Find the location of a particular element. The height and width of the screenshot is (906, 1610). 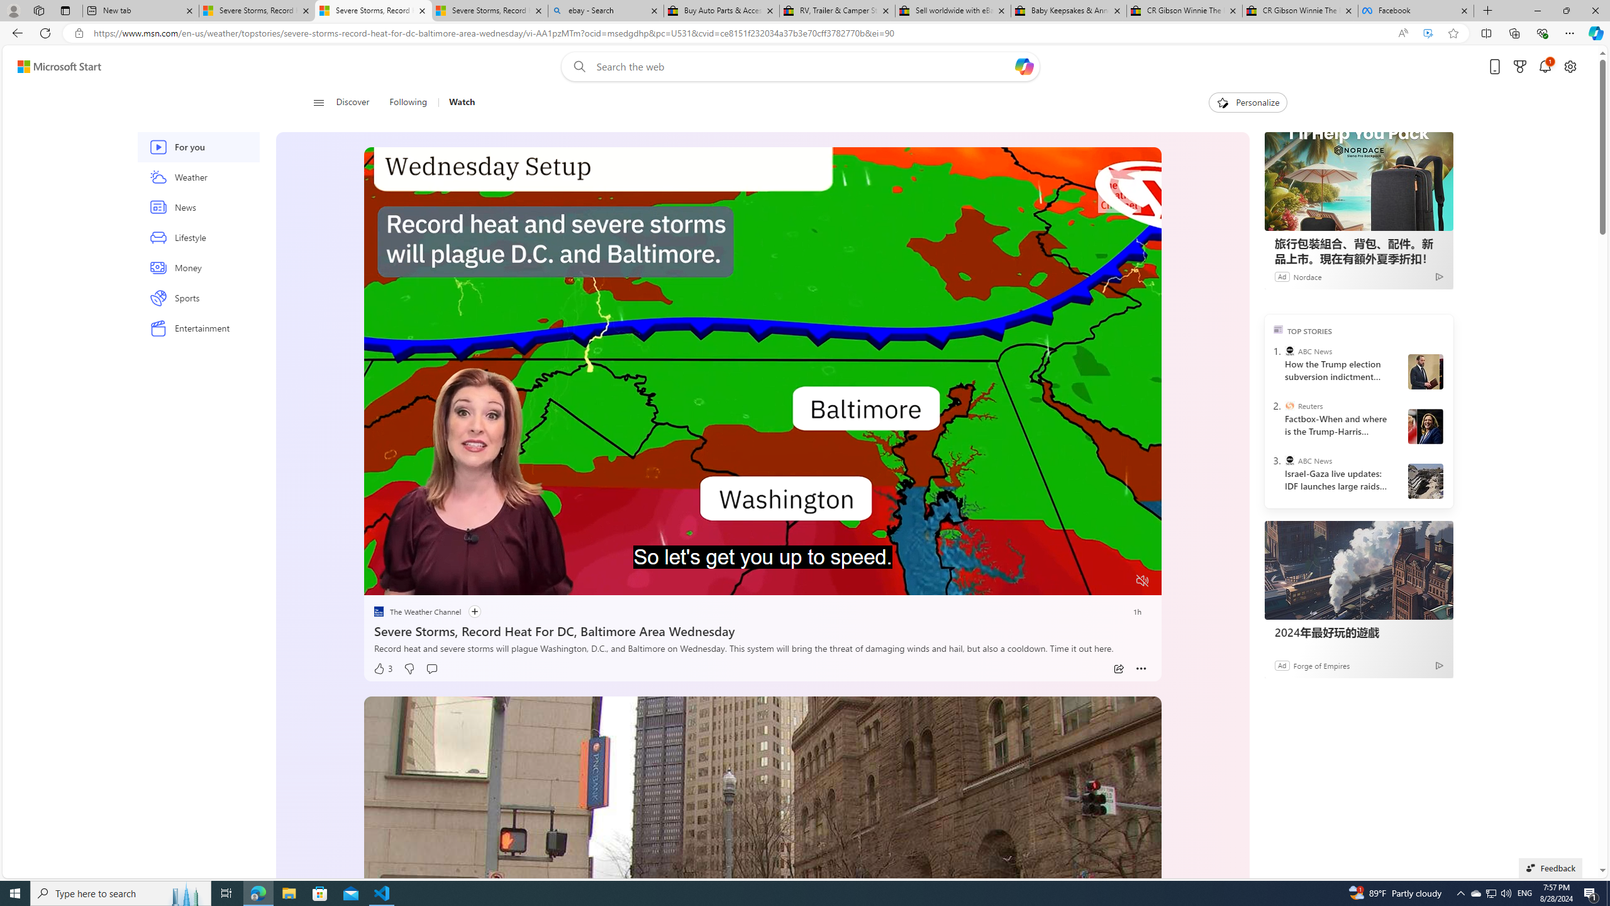

'Fullscreen' is located at coordinates (1118, 581).